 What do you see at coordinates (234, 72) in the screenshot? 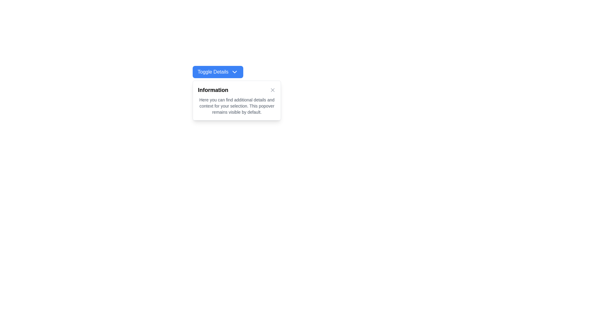
I see `the downward chevron icon located to the immediate right of the 'Toggle Details' text within the blue button labeled 'Toggle Details'` at bounding box center [234, 72].